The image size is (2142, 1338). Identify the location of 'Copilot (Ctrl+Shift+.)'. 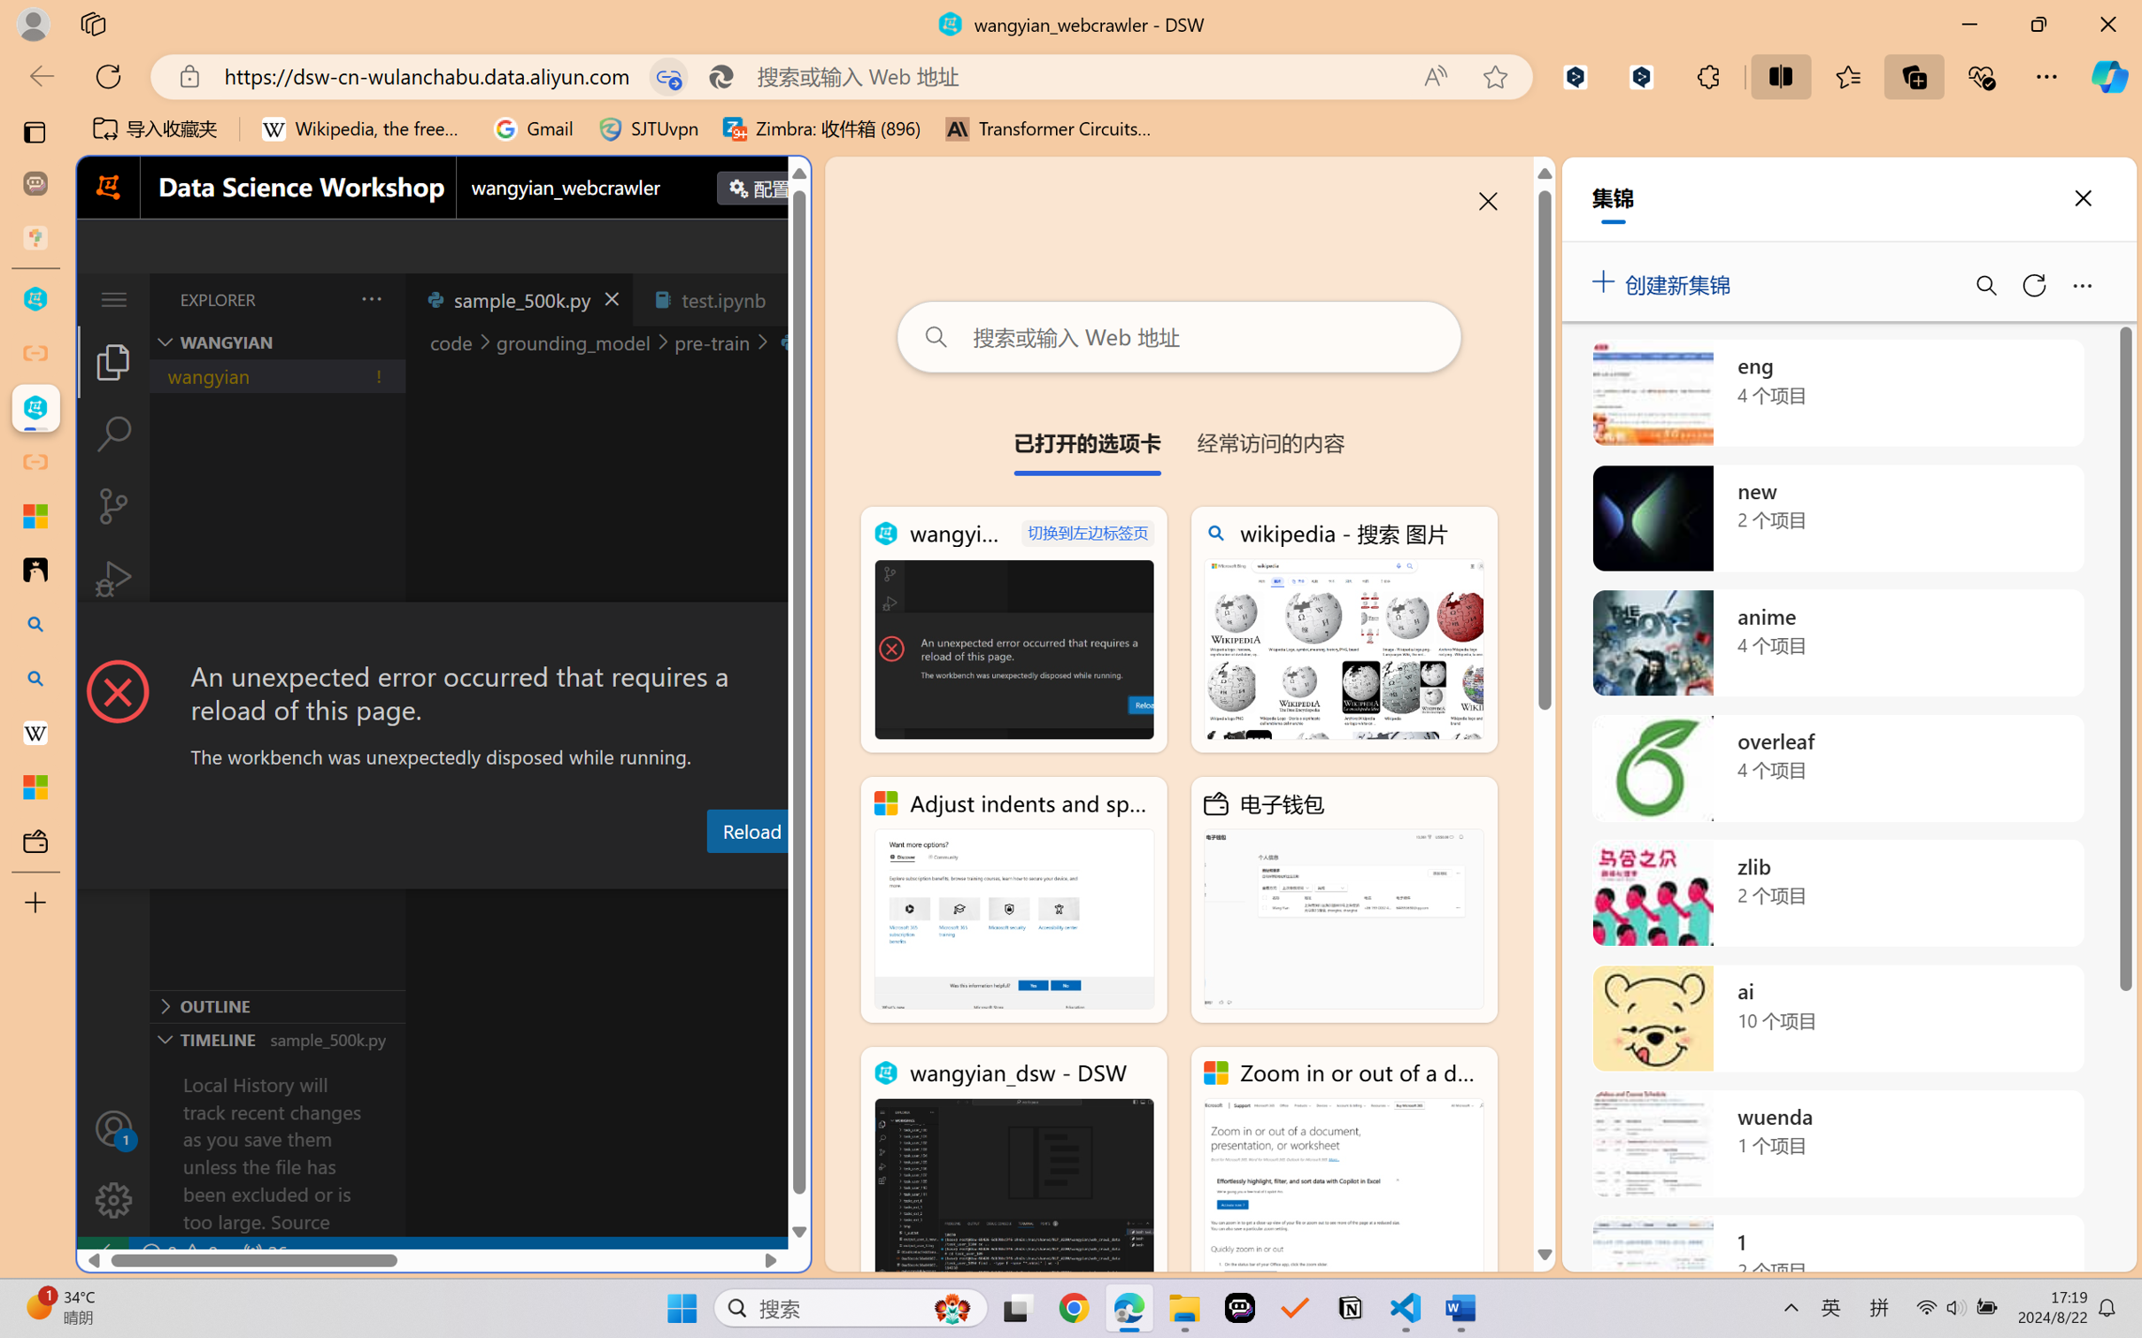
(2109, 76).